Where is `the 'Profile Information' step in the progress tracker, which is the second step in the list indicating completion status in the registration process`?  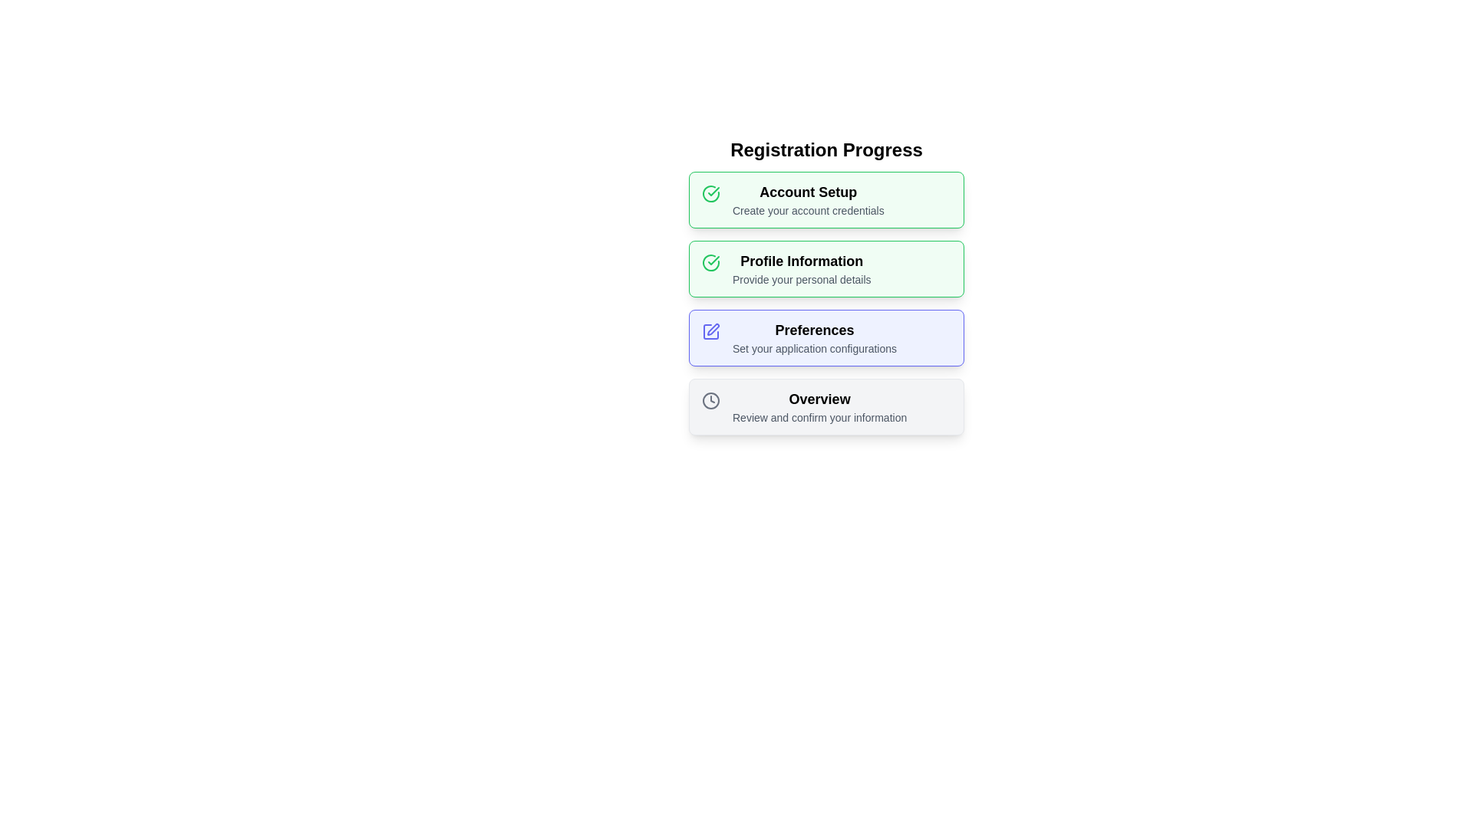
the 'Profile Information' step in the progress tracker, which is the second step in the list indicating completion status in the registration process is located at coordinates (825, 287).